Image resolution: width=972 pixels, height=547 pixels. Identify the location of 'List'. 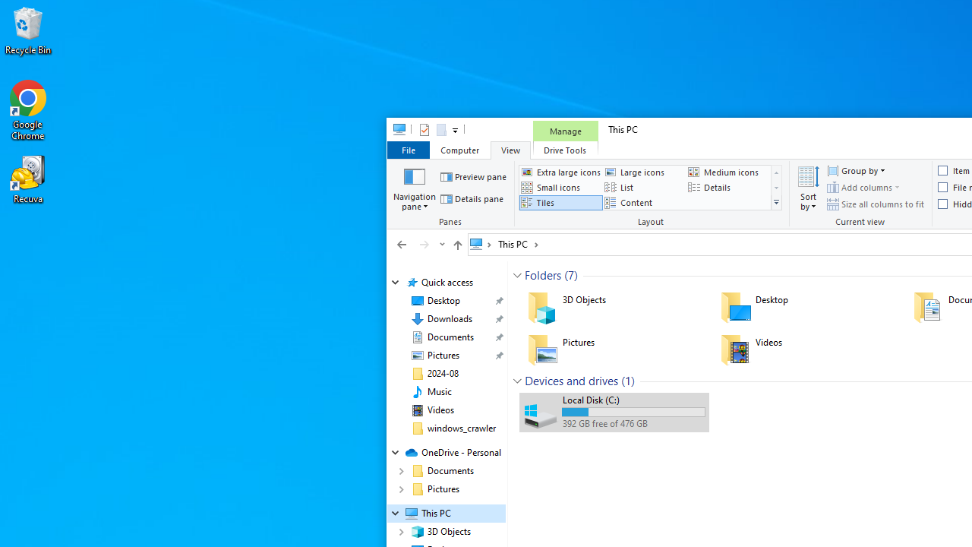
(644, 186).